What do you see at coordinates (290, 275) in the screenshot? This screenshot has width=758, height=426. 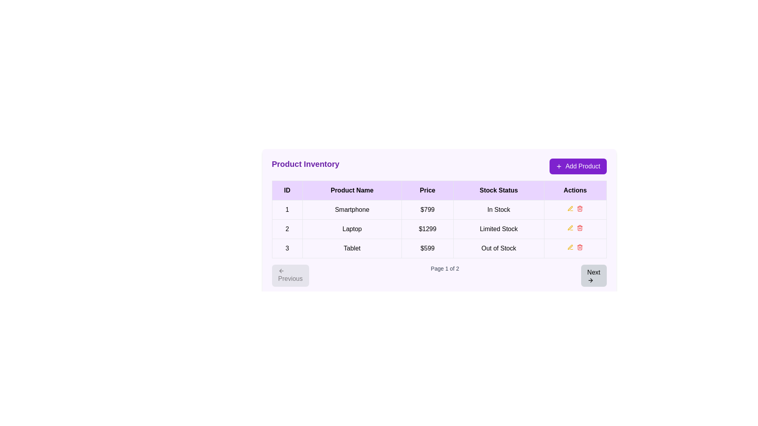 I see `the 'Previous' button with a gray background and left-pointing arrow icon located at the bottom left of the table` at bounding box center [290, 275].